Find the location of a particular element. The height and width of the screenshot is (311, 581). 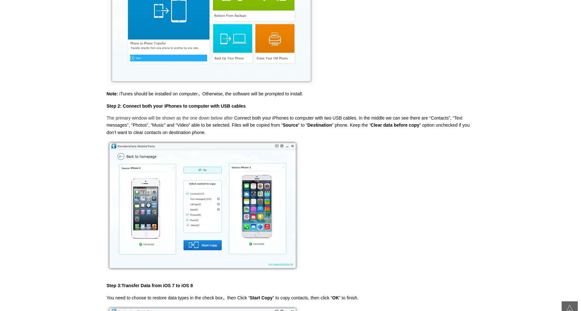

'” phone. Keep the “' is located at coordinates (351, 125).